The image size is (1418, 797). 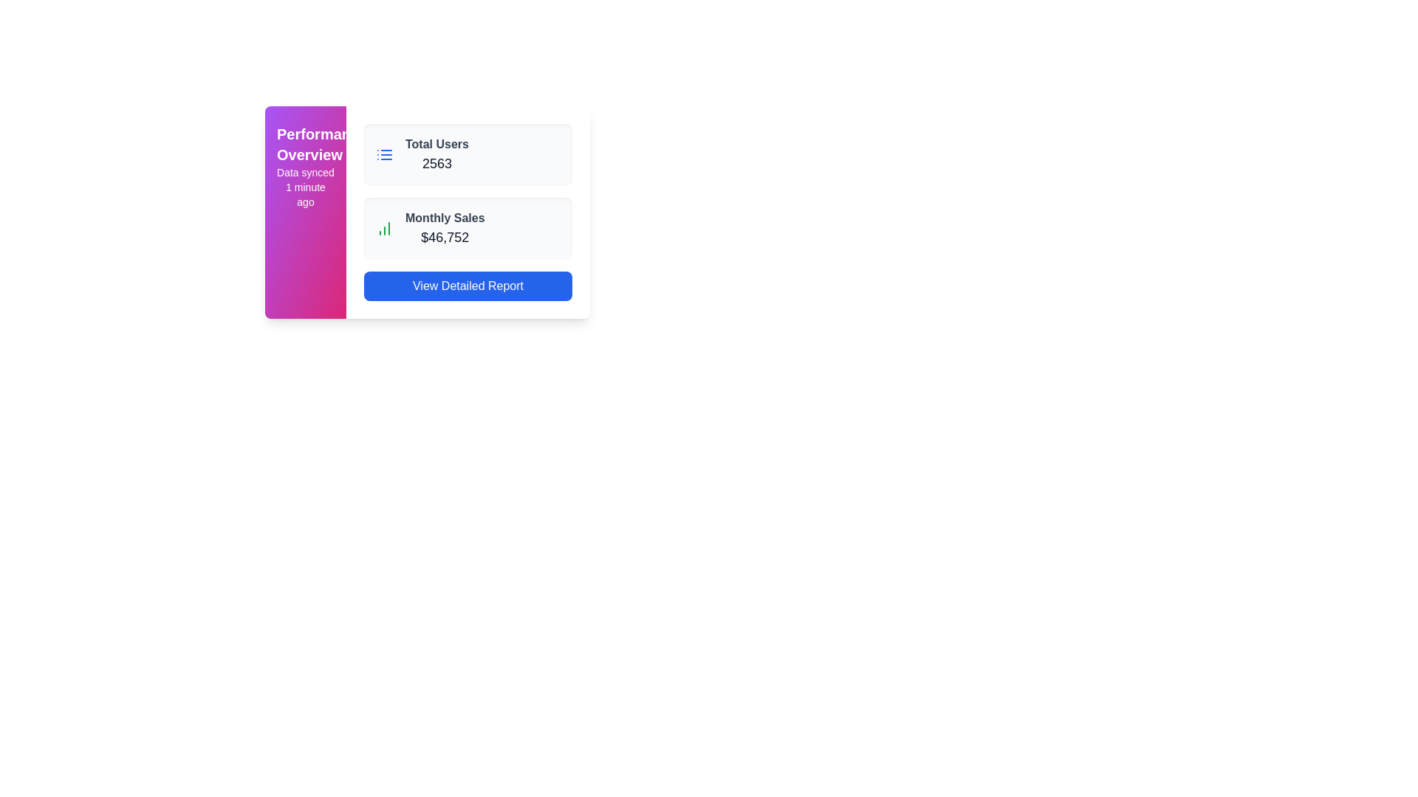 What do you see at coordinates (385, 154) in the screenshot?
I see `the 'Total Users' icon located in the top-left corner of the card layout, adjacent to the 'Total Users' text` at bounding box center [385, 154].